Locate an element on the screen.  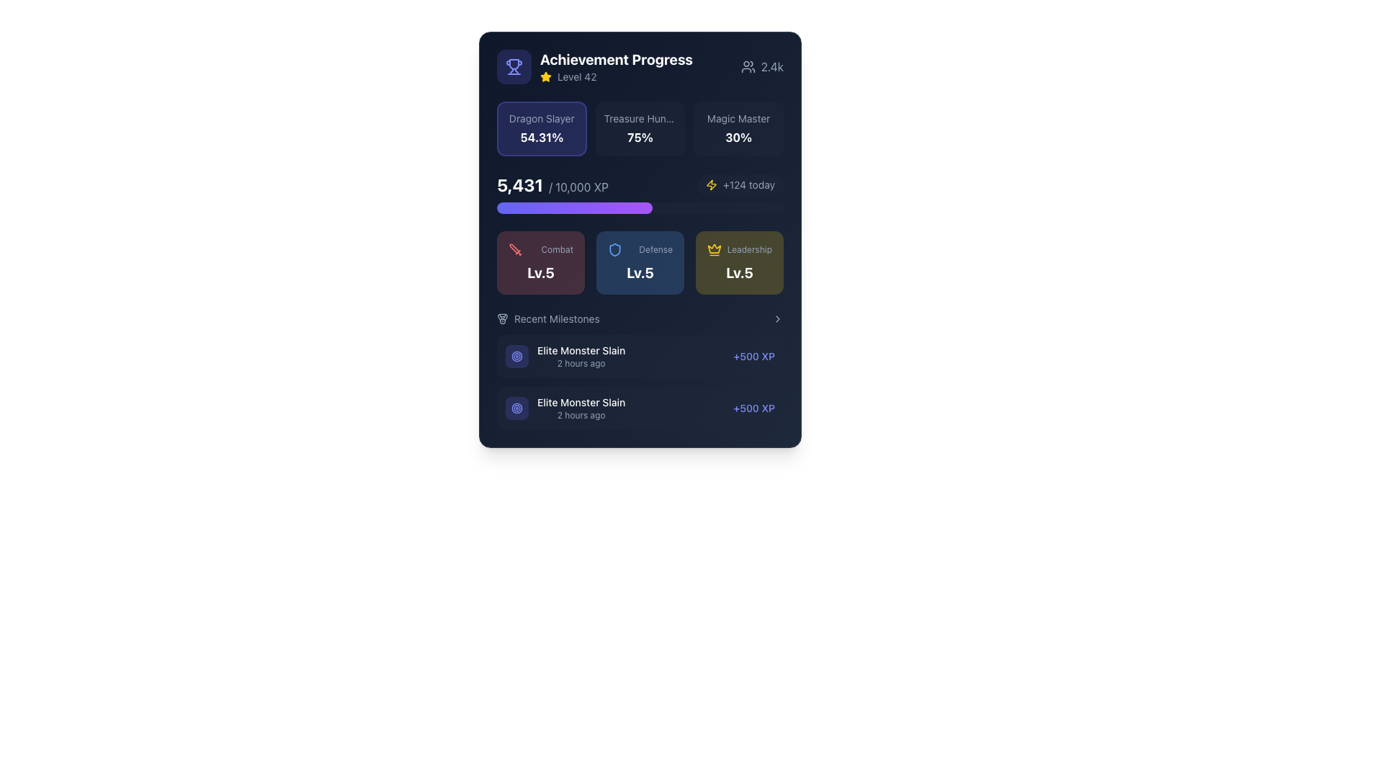
the yellow crown icon representing leadership achievement, located above the 'Lv.5' text is located at coordinates (715, 248).